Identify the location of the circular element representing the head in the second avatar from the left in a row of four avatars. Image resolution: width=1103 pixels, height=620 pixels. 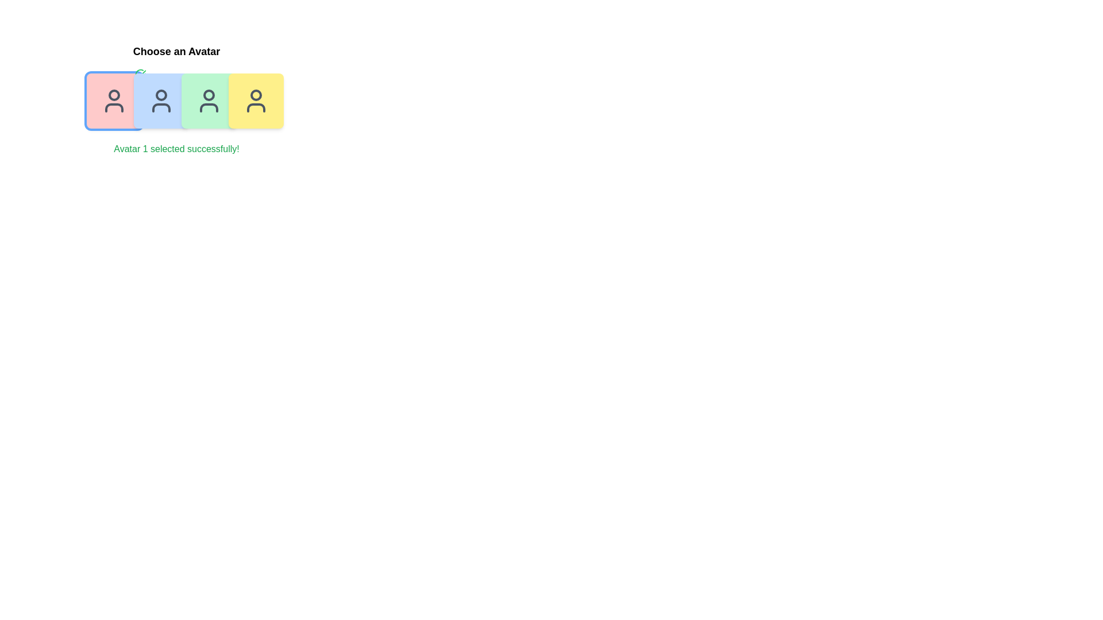
(161, 94).